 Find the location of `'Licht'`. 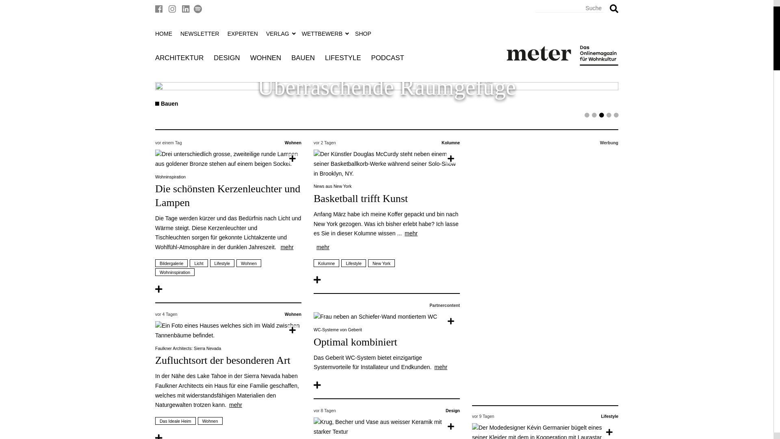

'Licht' is located at coordinates (199, 263).